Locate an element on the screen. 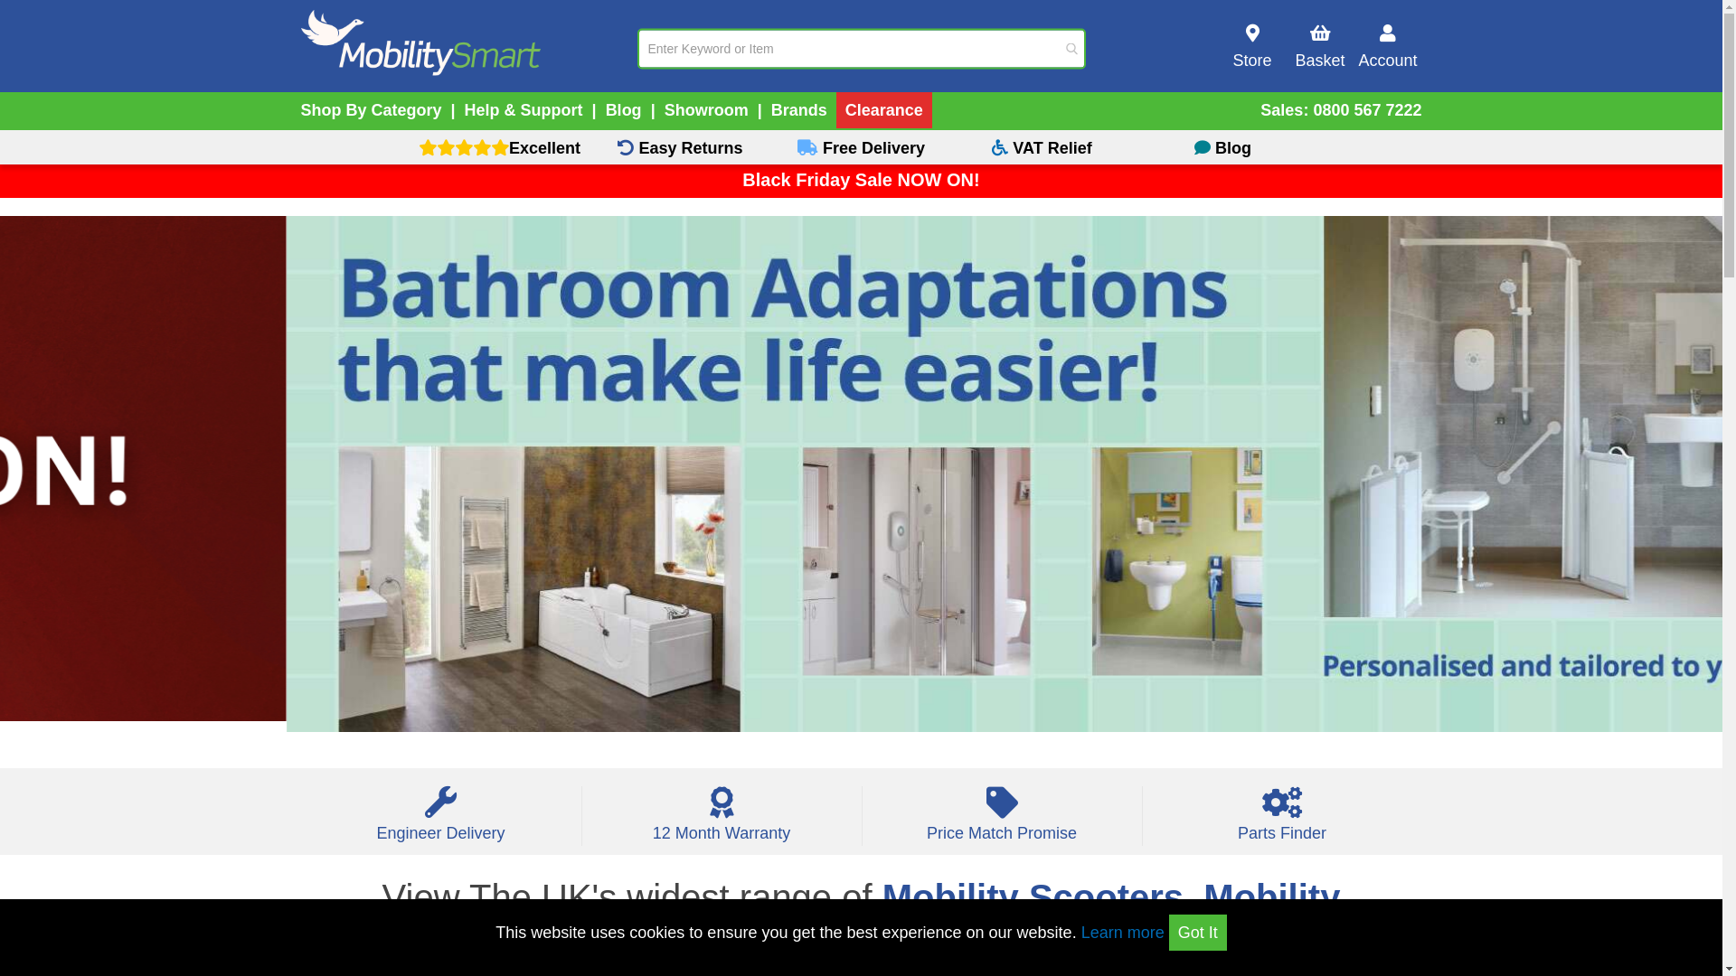  'Easy Returns' is located at coordinates (679, 146).